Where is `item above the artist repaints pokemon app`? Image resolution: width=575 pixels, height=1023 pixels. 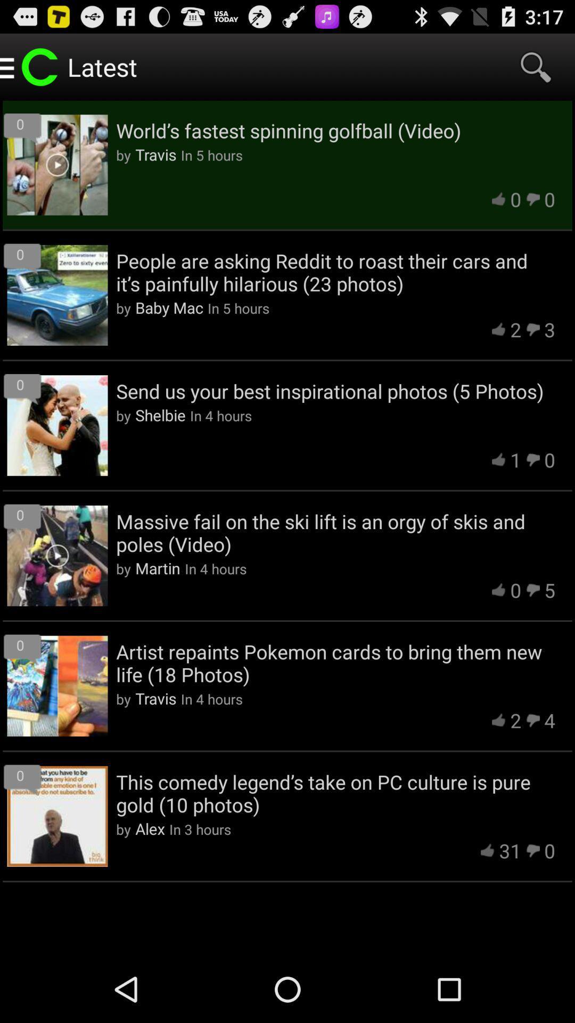 item above the artist repaints pokemon app is located at coordinates (158, 567).